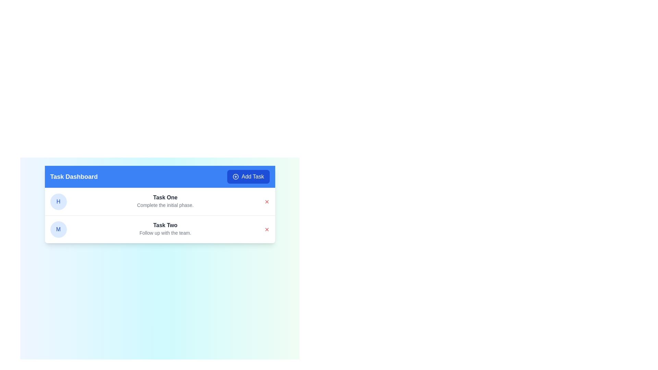  I want to click on the SVG circle icon, which is a thin stroke outline forming a circle located at the center of the 'Add Task' button's left icon, so click(235, 176).